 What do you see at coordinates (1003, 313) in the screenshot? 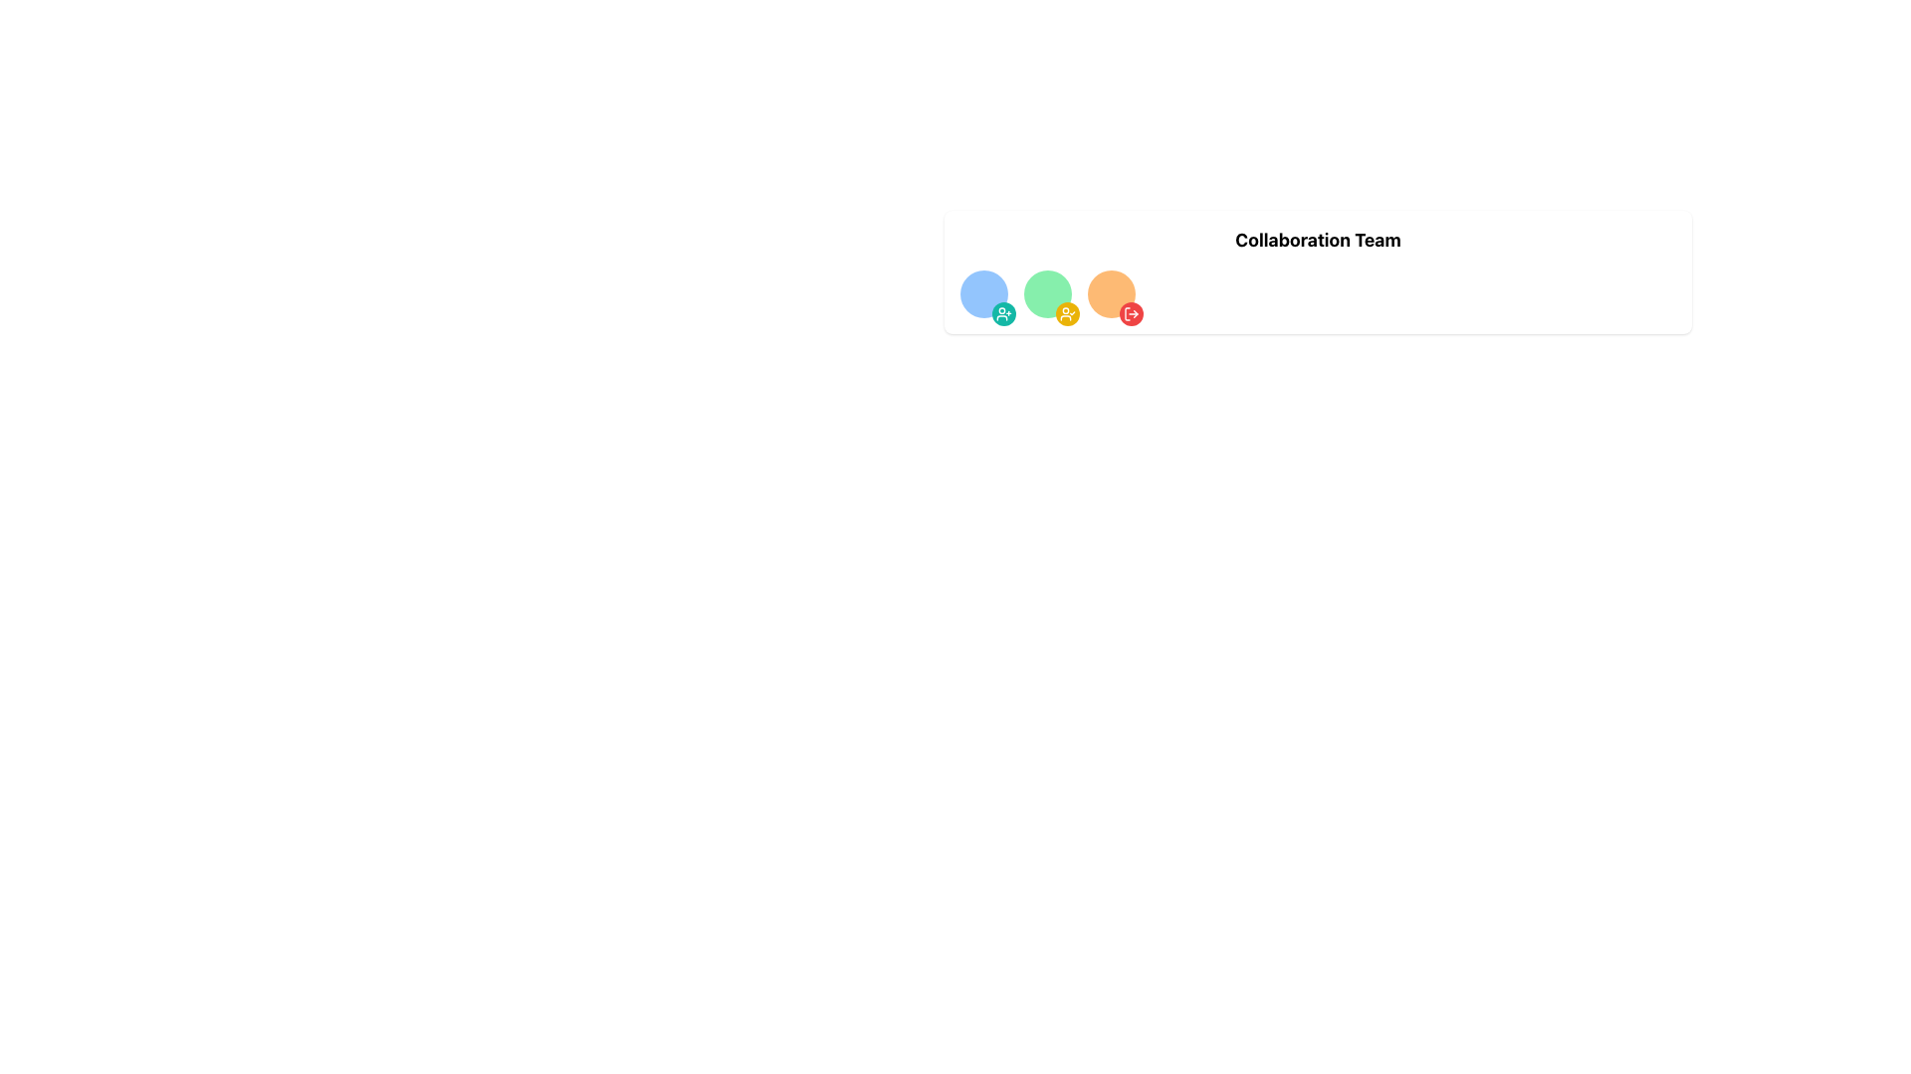
I see `the small circular button with a teal background and a white user-plus icon` at bounding box center [1003, 313].